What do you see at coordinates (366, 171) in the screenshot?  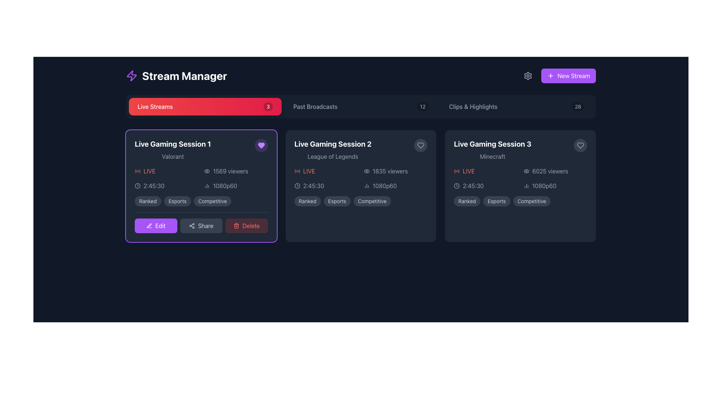 I see `the decorative icon that signifies the view count, located to the left of the text '1835 viewers' in the card 'Live Gaming Session 2'` at bounding box center [366, 171].